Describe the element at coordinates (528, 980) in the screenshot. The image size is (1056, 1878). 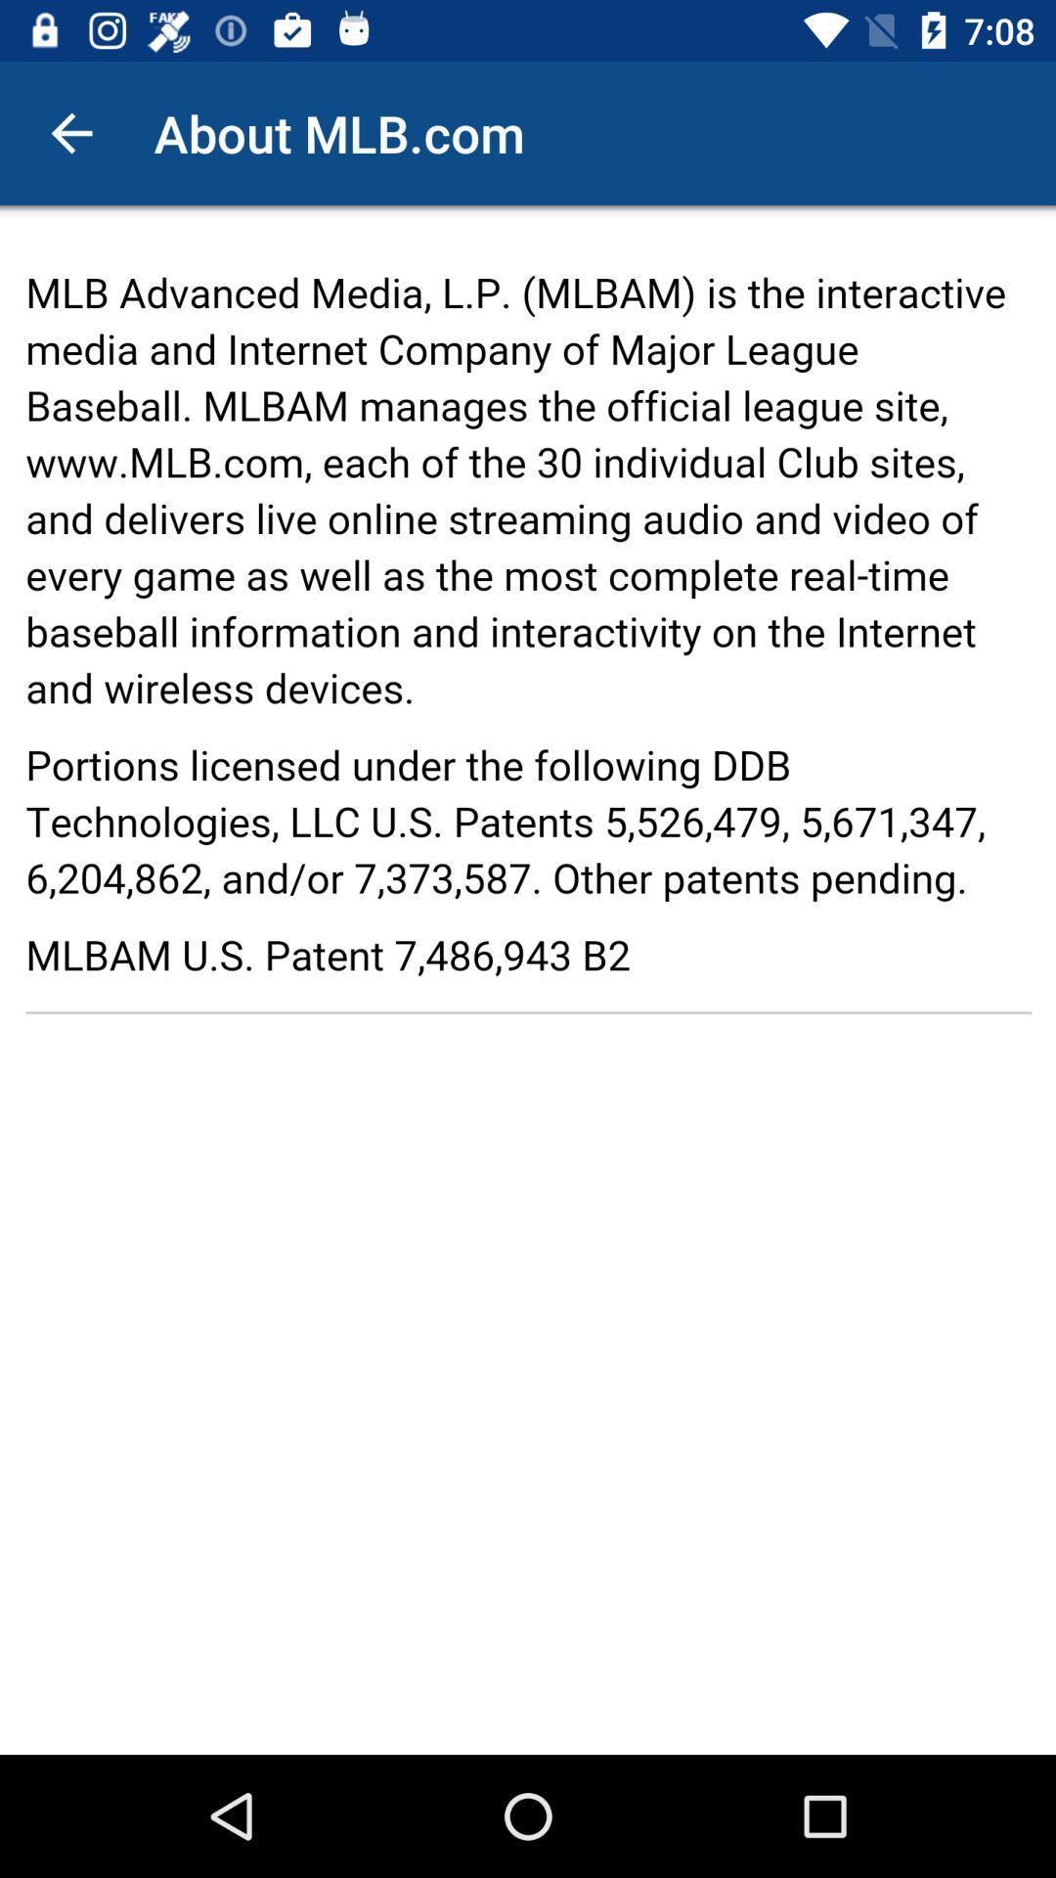
I see `seeing in the paragraph` at that location.